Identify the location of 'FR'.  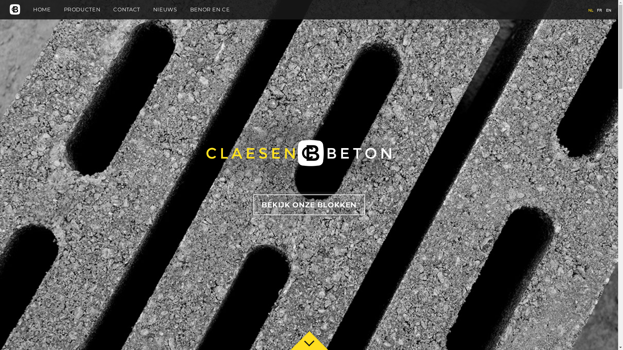
(599, 10).